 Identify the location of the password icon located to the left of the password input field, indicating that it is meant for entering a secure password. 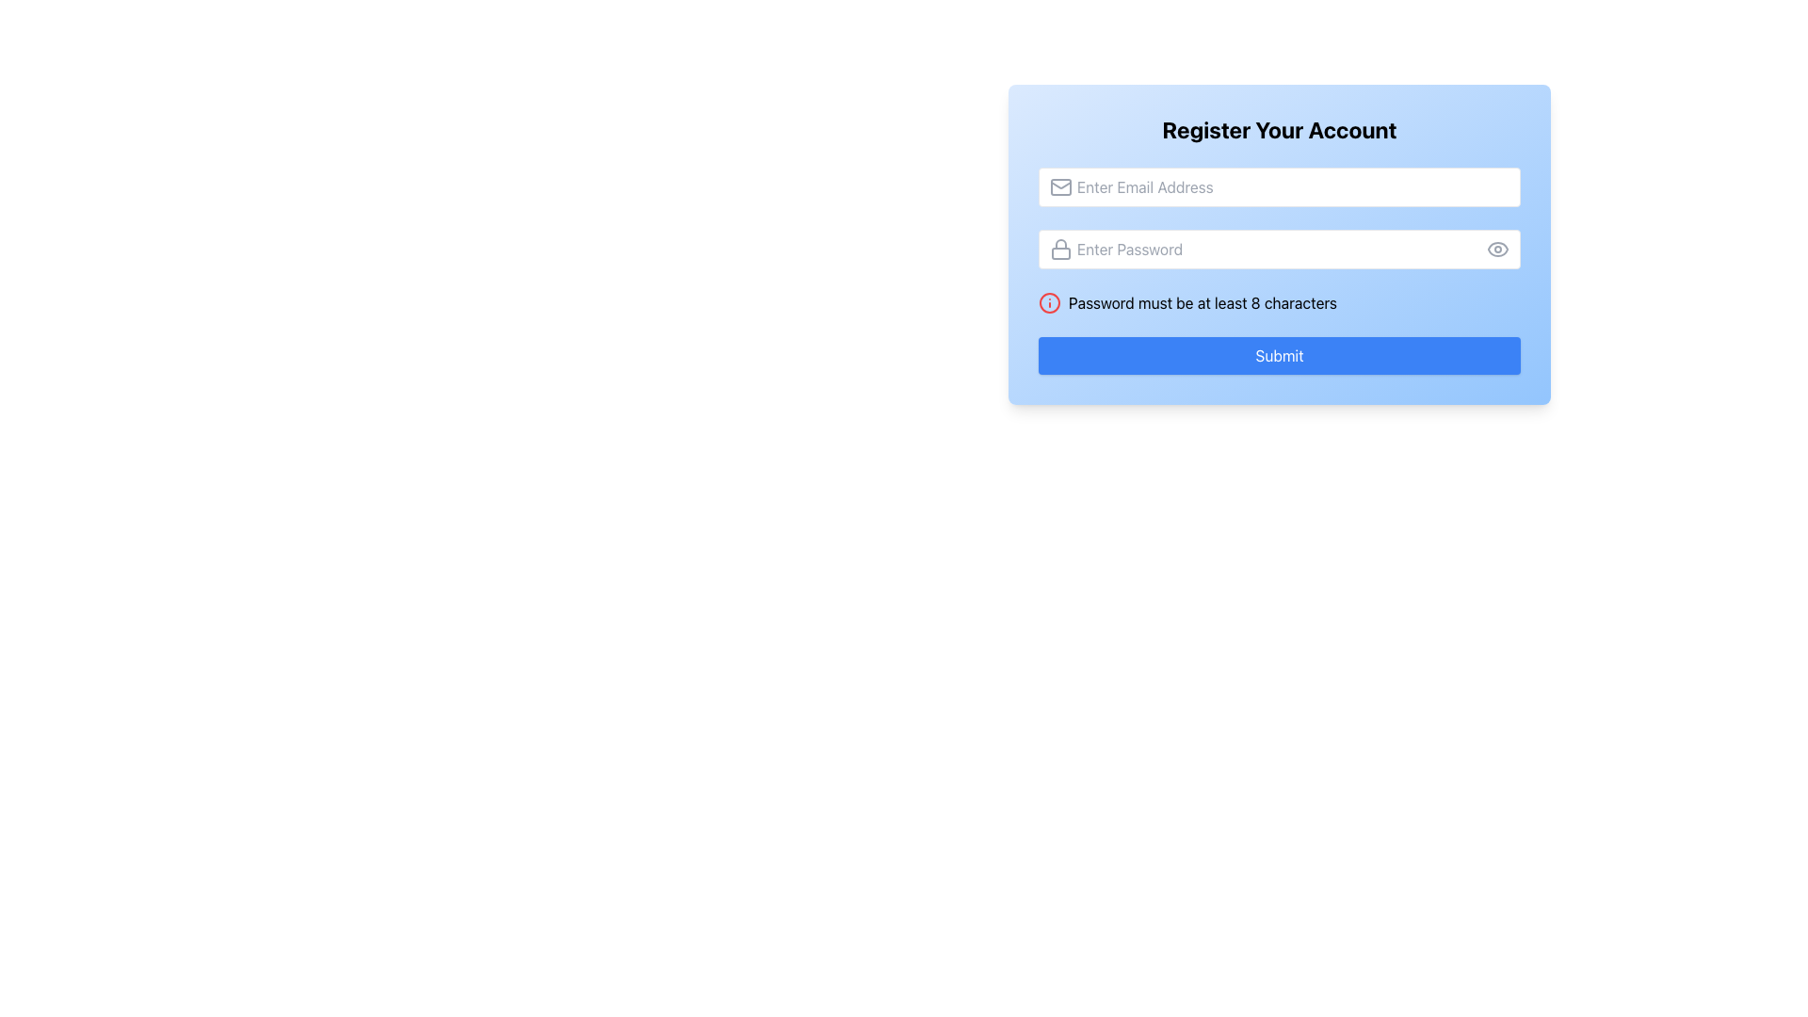
(1061, 249).